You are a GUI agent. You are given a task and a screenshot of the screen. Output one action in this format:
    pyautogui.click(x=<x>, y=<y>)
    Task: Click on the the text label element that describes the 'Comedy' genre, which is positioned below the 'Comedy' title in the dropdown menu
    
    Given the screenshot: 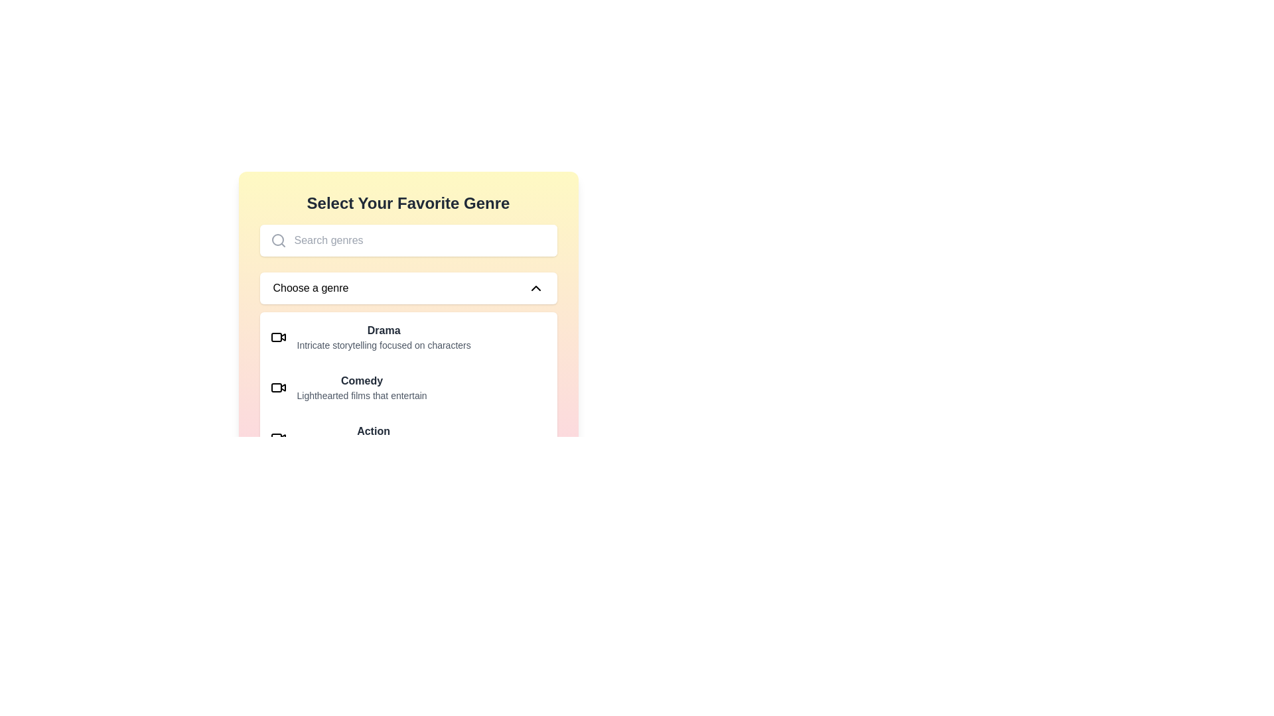 What is the action you would take?
    pyautogui.click(x=362, y=395)
    